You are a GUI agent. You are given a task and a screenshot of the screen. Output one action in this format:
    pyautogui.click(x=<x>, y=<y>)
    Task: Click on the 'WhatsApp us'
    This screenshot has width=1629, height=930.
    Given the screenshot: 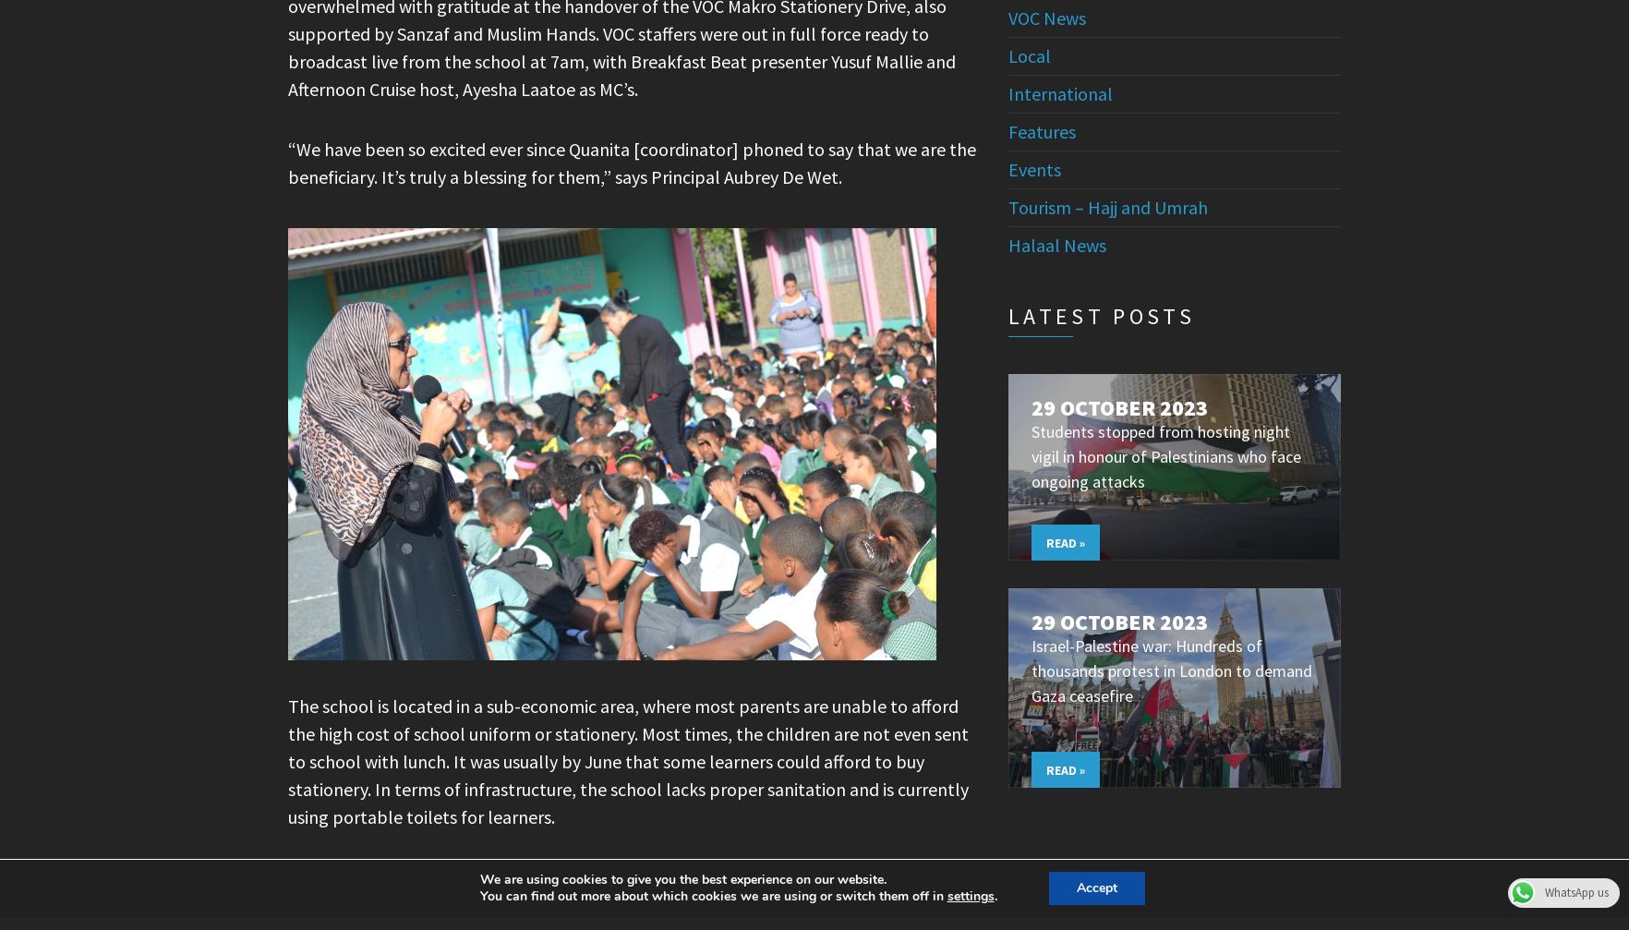 What is the action you would take?
    pyautogui.click(x=1576, y=891)
    